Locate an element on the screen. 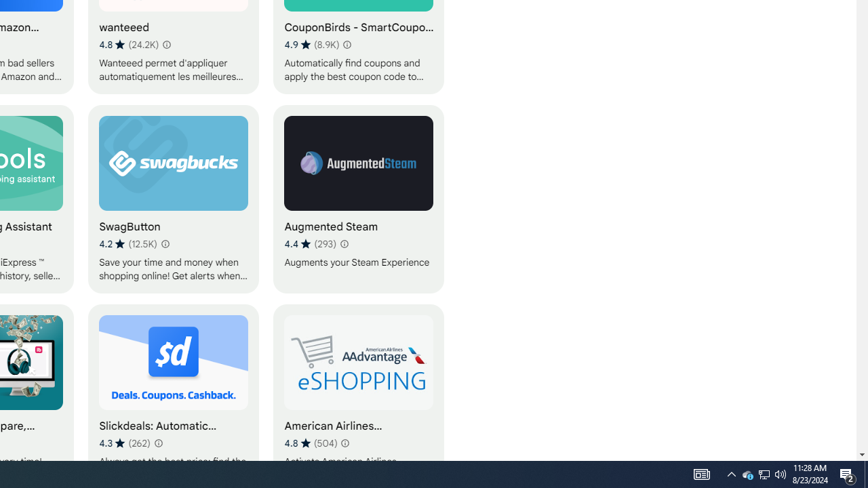 Image resolution: width=868 pixels, height=488 pixels. 'Learn more about results and reviews "wanteeed"' is located at coordinates (165, 43).